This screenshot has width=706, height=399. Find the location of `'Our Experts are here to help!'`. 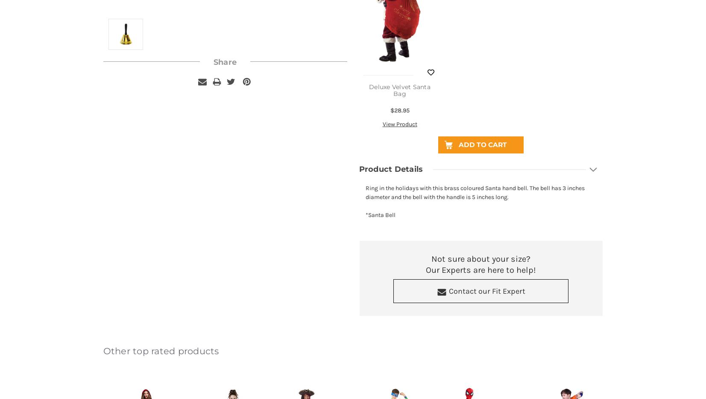

'Our Experts are here to help!' is located at coordinates (481, 269).